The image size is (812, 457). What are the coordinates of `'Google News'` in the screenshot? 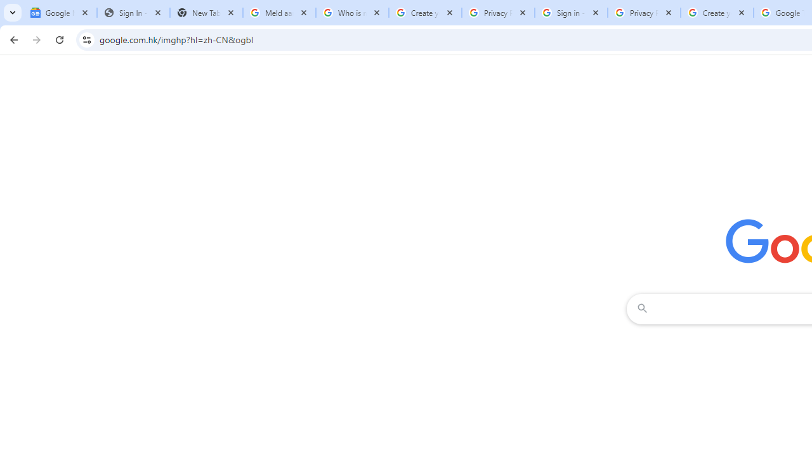 It's located at (60, 13).